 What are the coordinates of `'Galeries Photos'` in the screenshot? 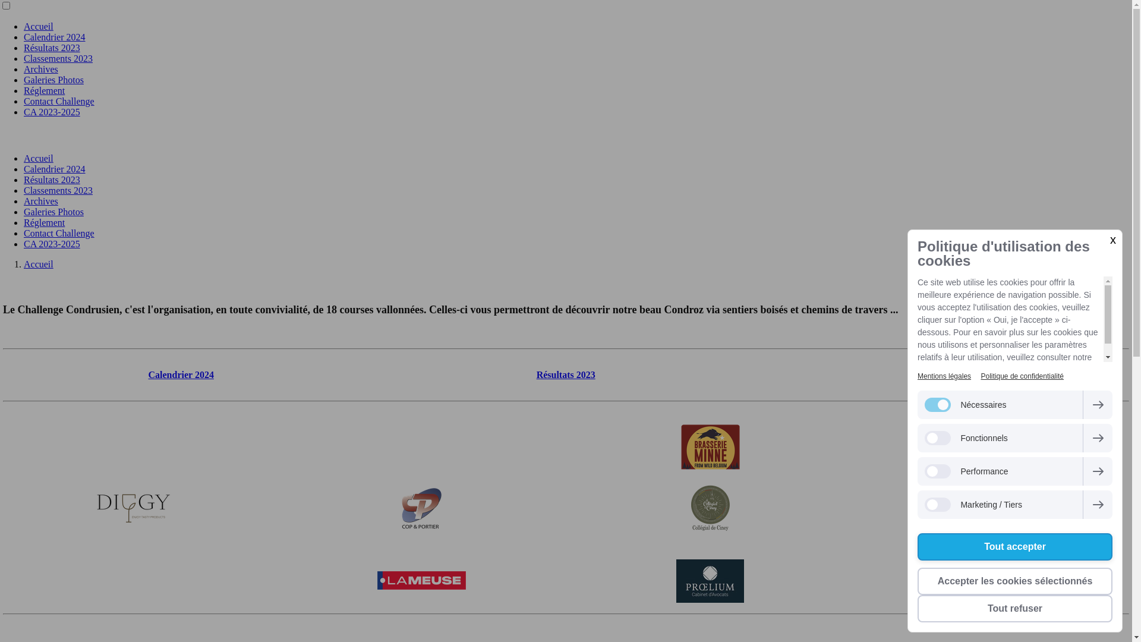 It's located at (53, 211).